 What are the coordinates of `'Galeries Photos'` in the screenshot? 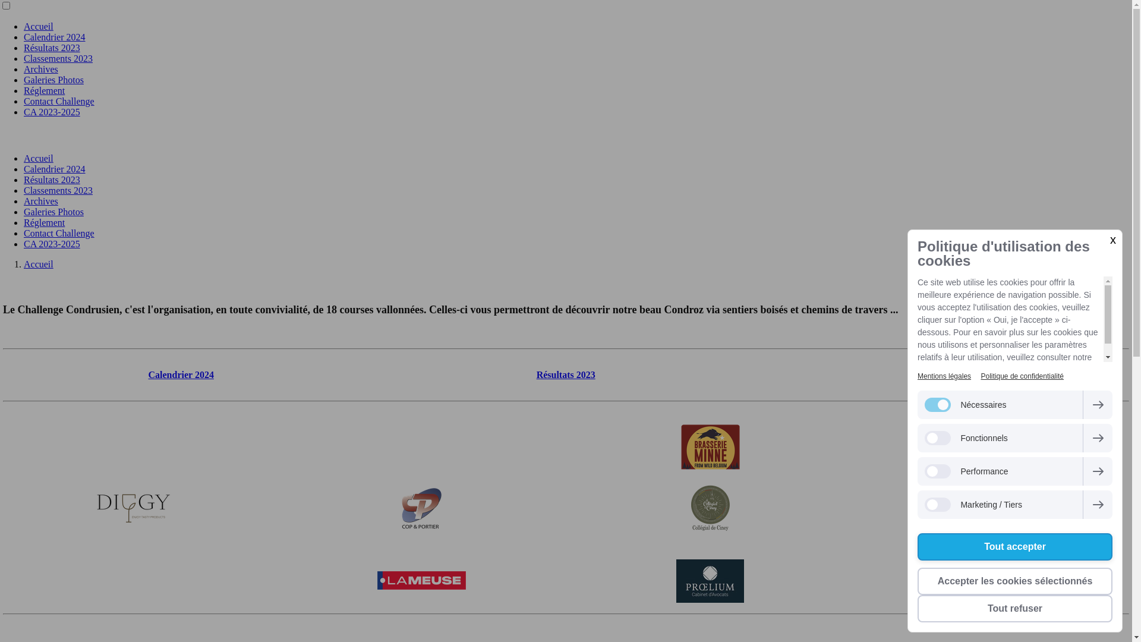 It's located at (53, 211).